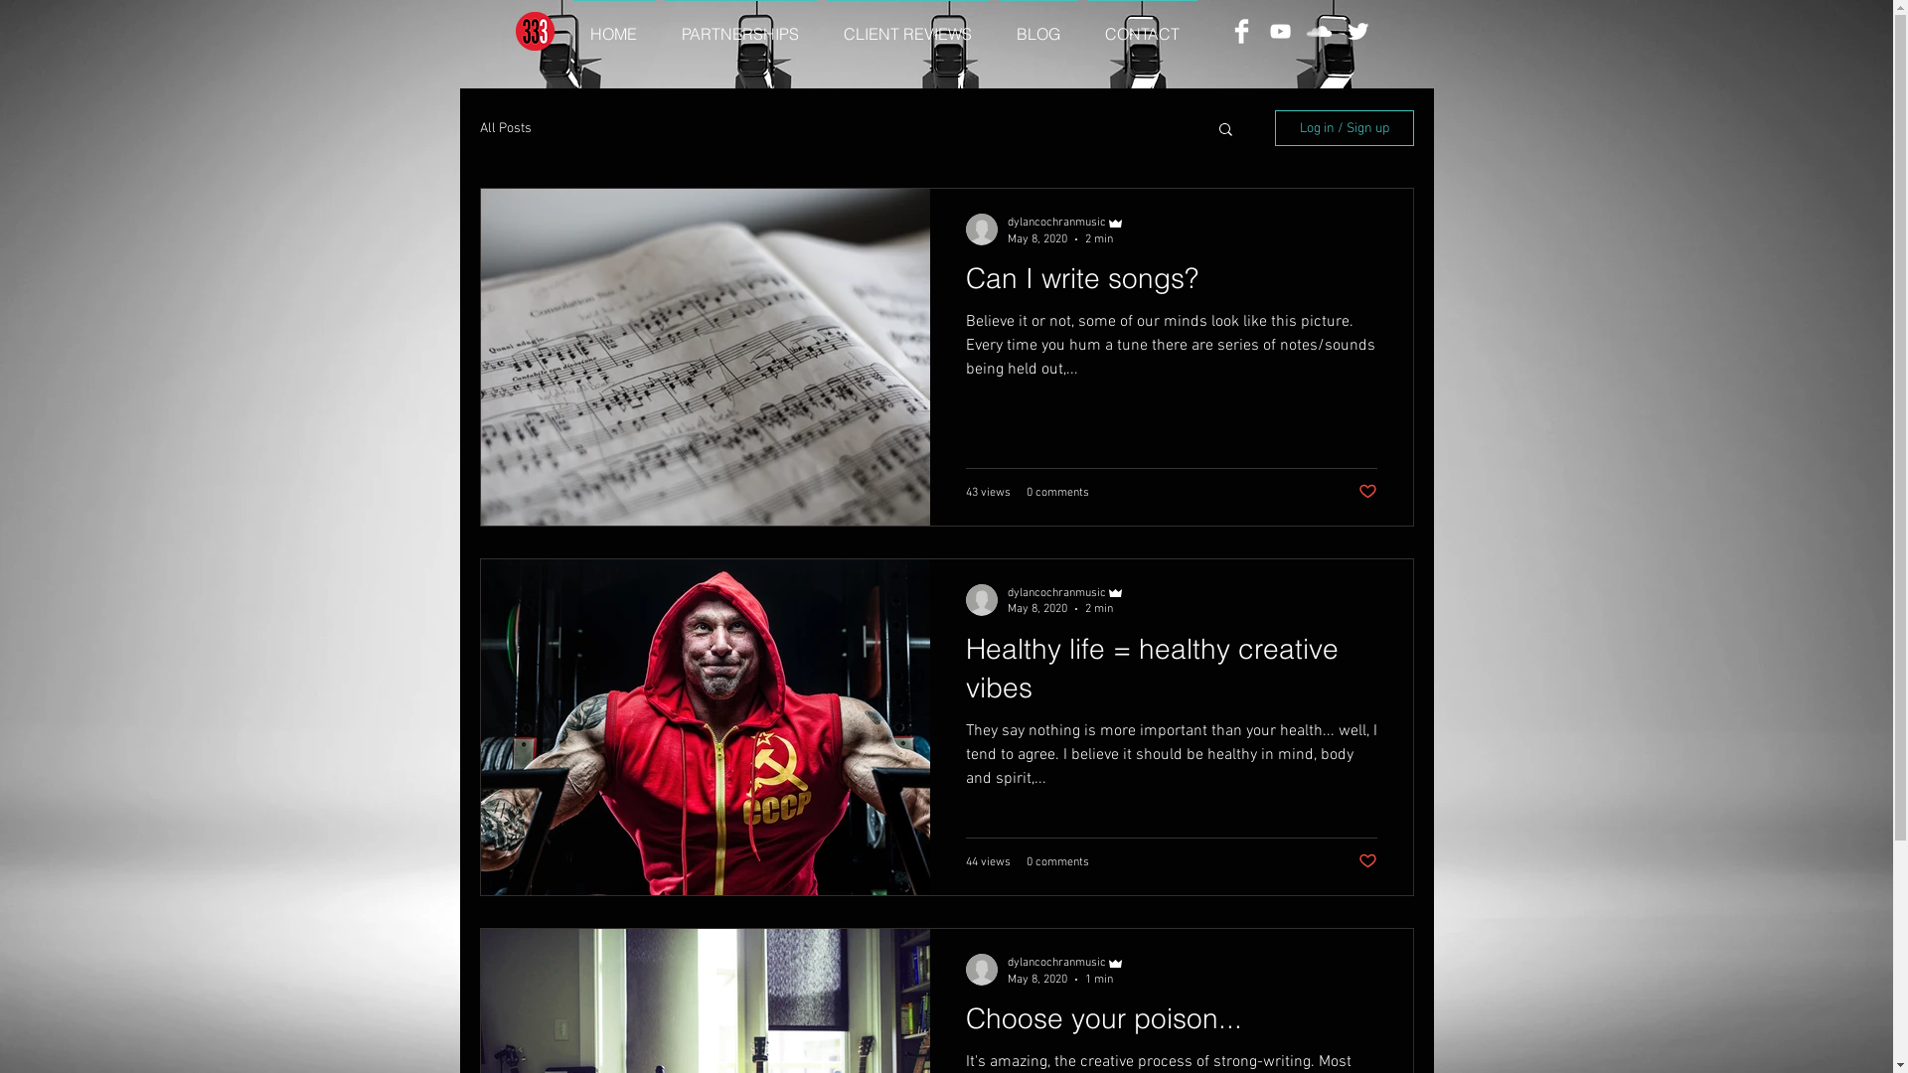  What do you see at coordinates (1036, 25) in the screenshot?
I see `'BLOG'` at bounding box center [1036, 25].